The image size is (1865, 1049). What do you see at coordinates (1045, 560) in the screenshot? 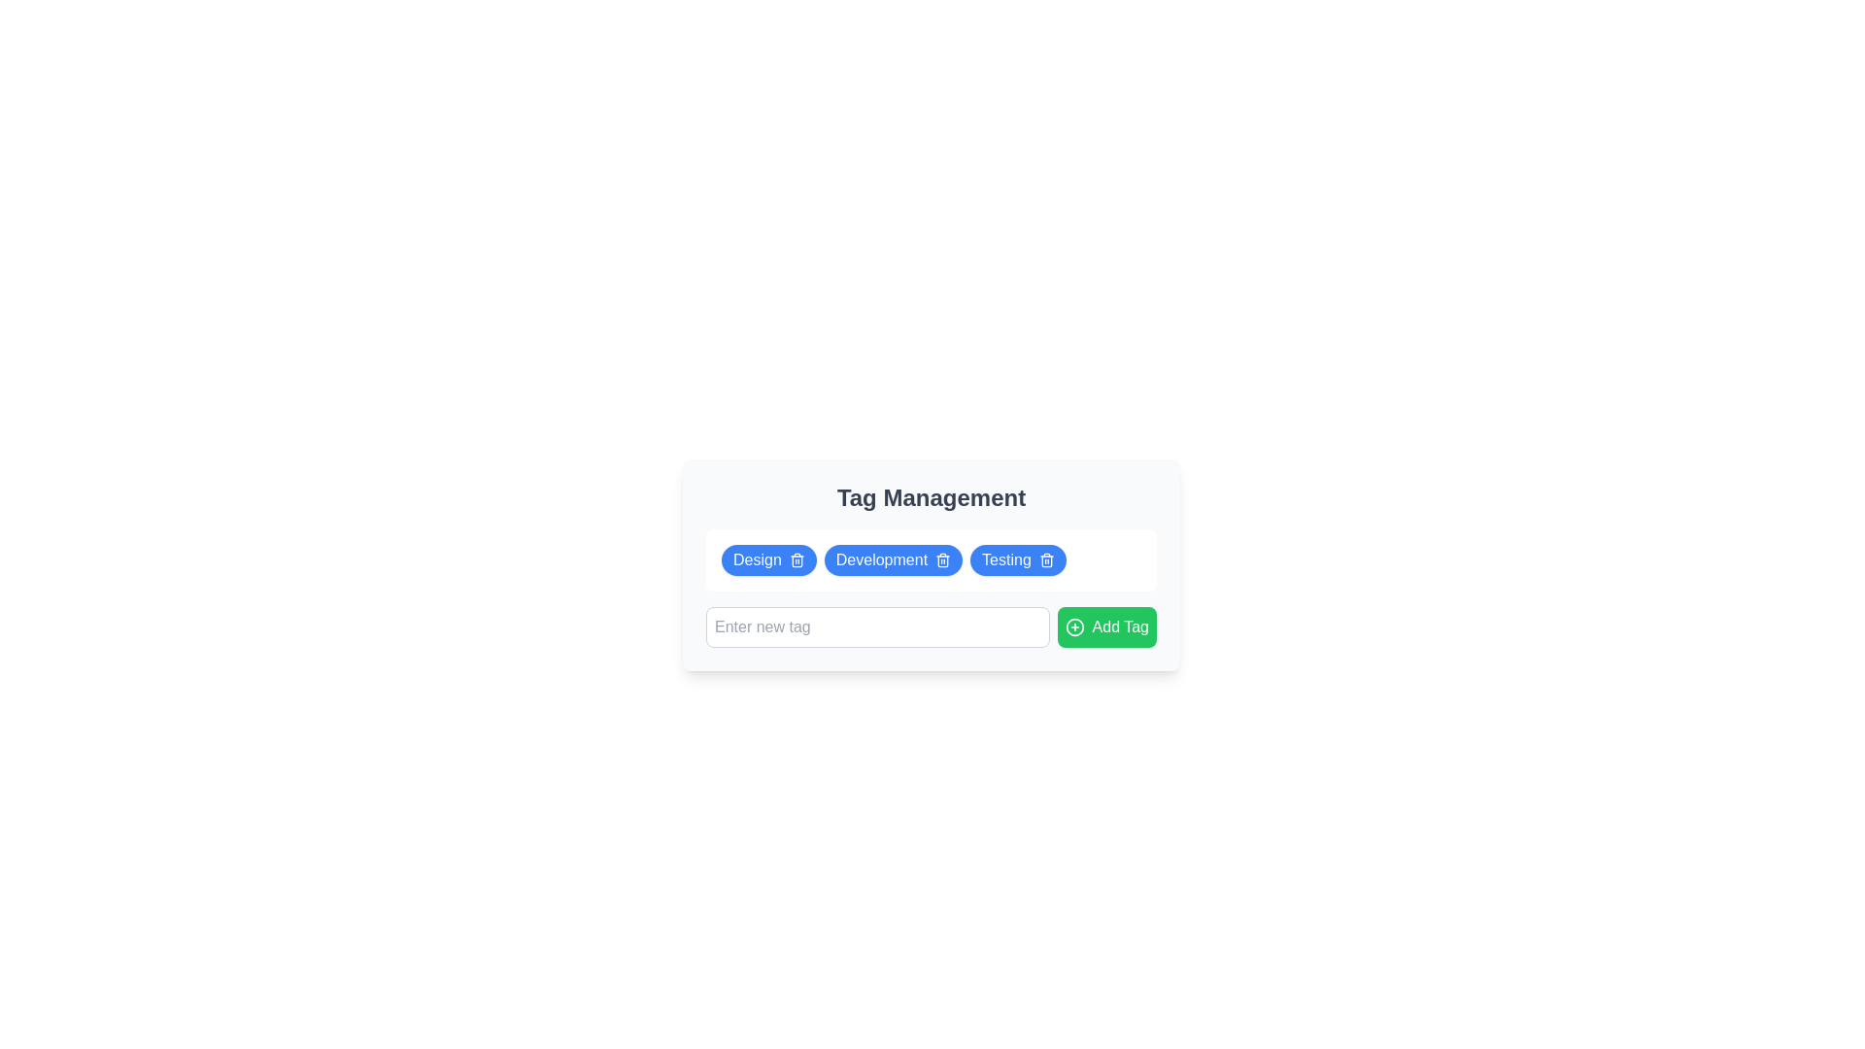
I see `the small square icon resembling a trash can, which has a white outline against a blue background, located next to the 'Testing' label` at bounding box center [1045, 560].